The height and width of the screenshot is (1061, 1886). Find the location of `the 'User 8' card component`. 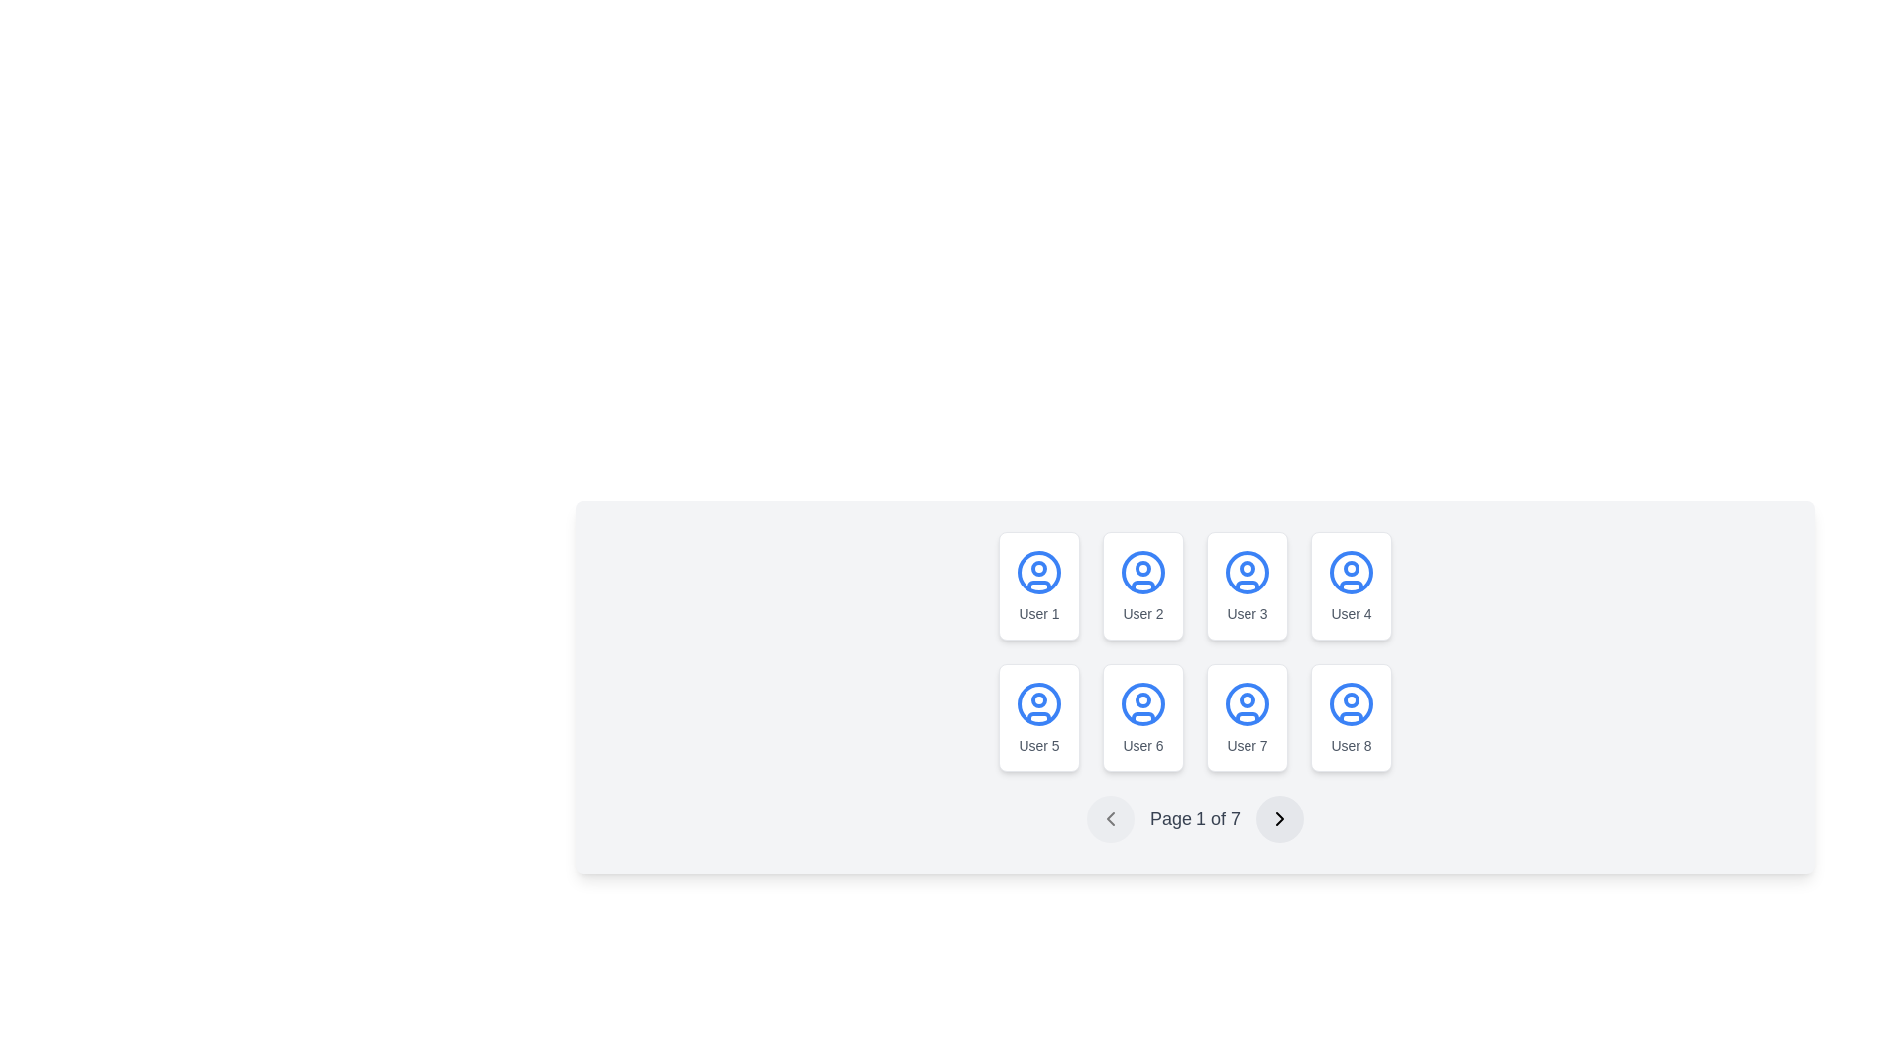

the 'User 8' card component is located at coordinates (1351, 718).